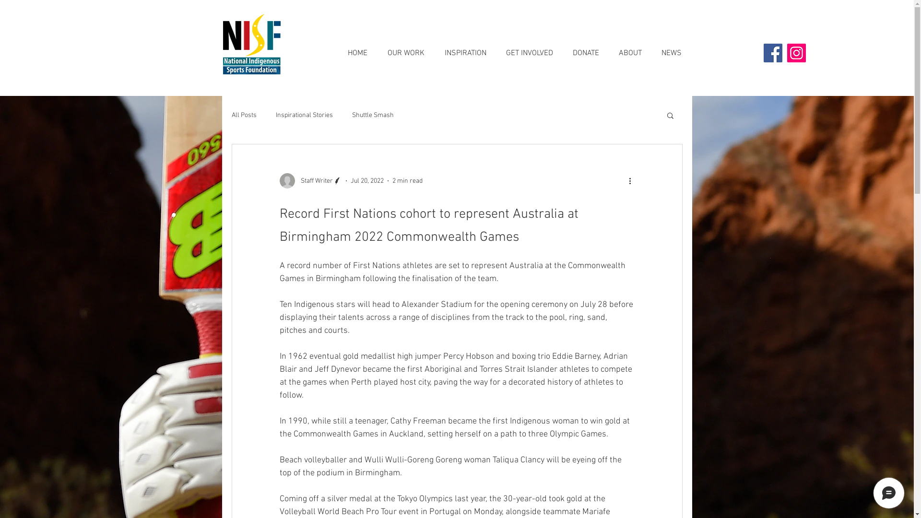 This screenshot has height=518, width=921. Describe the element at coordinates (671, 49) in the screenshot. I see `'NEWS'` at that location.